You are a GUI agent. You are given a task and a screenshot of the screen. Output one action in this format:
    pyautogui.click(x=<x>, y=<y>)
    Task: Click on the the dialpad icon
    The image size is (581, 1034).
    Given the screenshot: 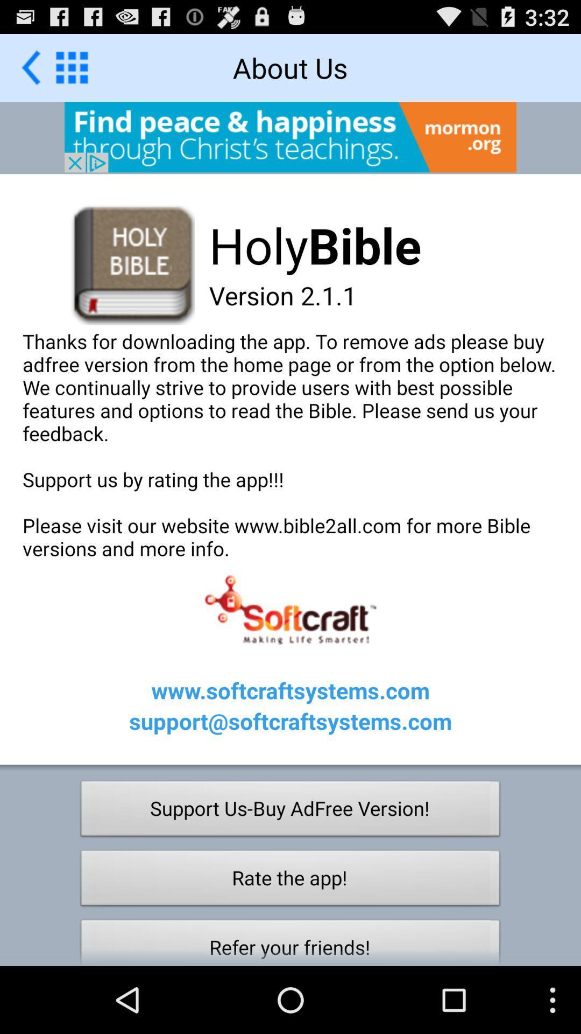 What is the action you would take?
    pyautogui.click(x=72, y=72)
    